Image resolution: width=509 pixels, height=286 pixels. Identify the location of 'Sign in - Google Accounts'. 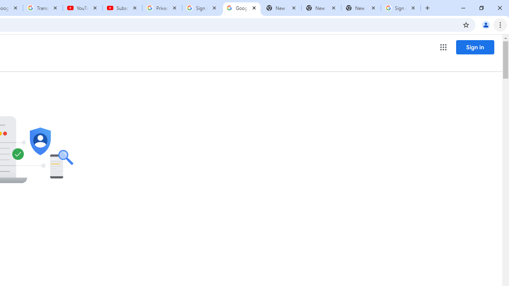
(401, 8).